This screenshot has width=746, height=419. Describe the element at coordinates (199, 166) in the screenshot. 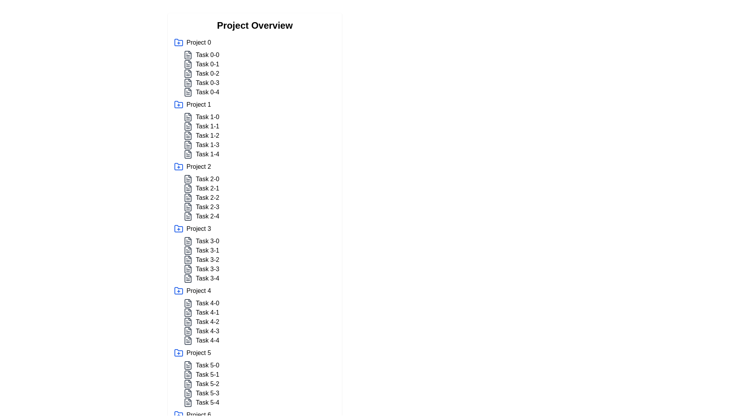

I see `the label for the 'Project 2' section` at that location.